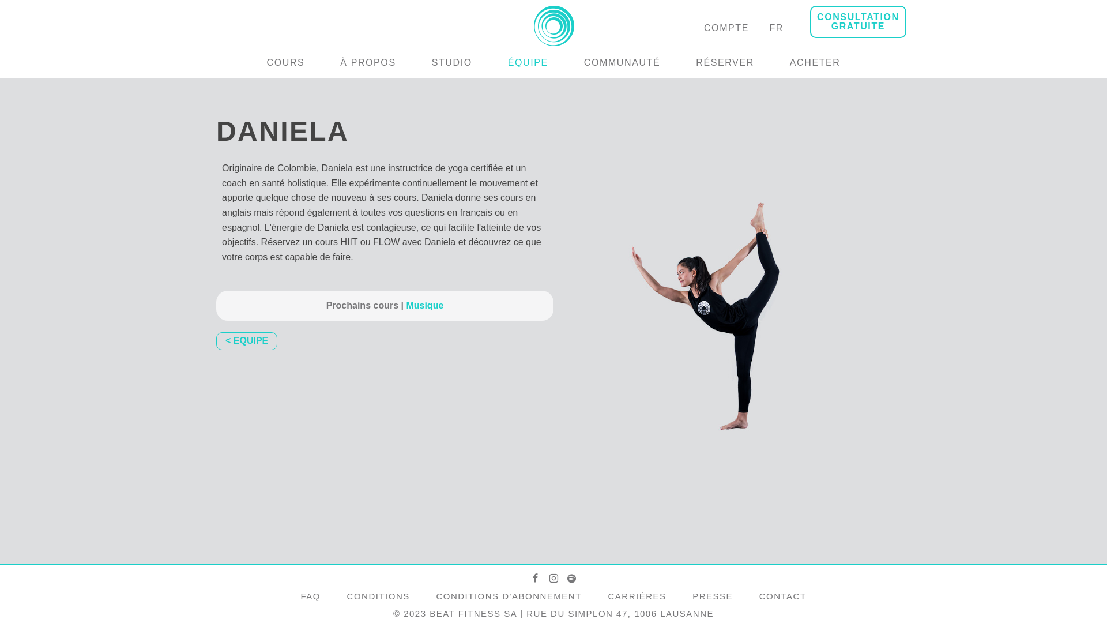 The image size is (1107, 623). What do you see at coordinates (422, 305) in the screenshot?
I see `'Musique'` at bounding box center [422, 305].